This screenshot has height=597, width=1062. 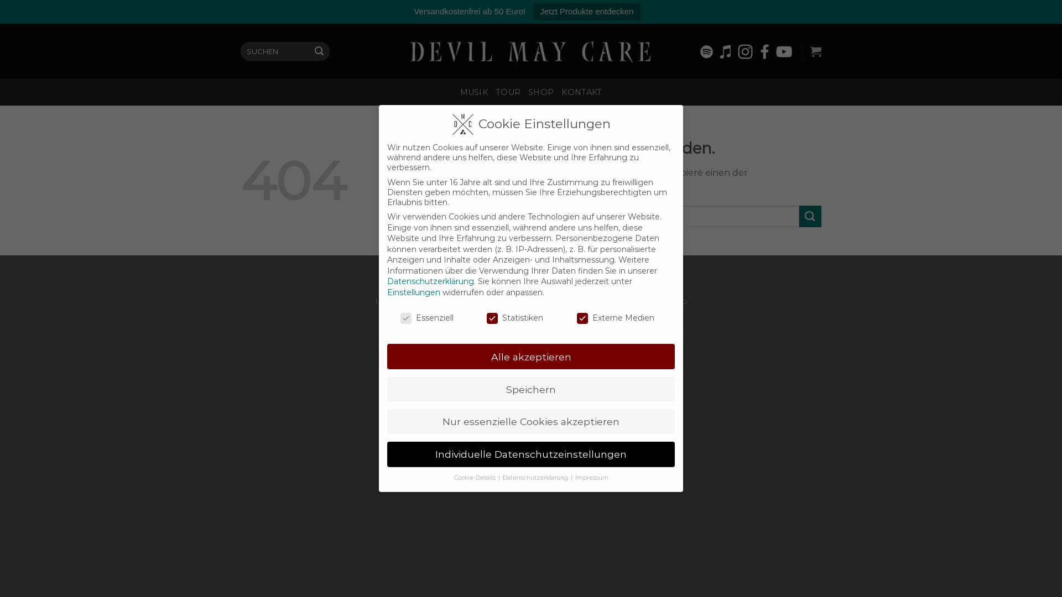 I want to click on 'Einstellungen', so click(x=413, y=291).